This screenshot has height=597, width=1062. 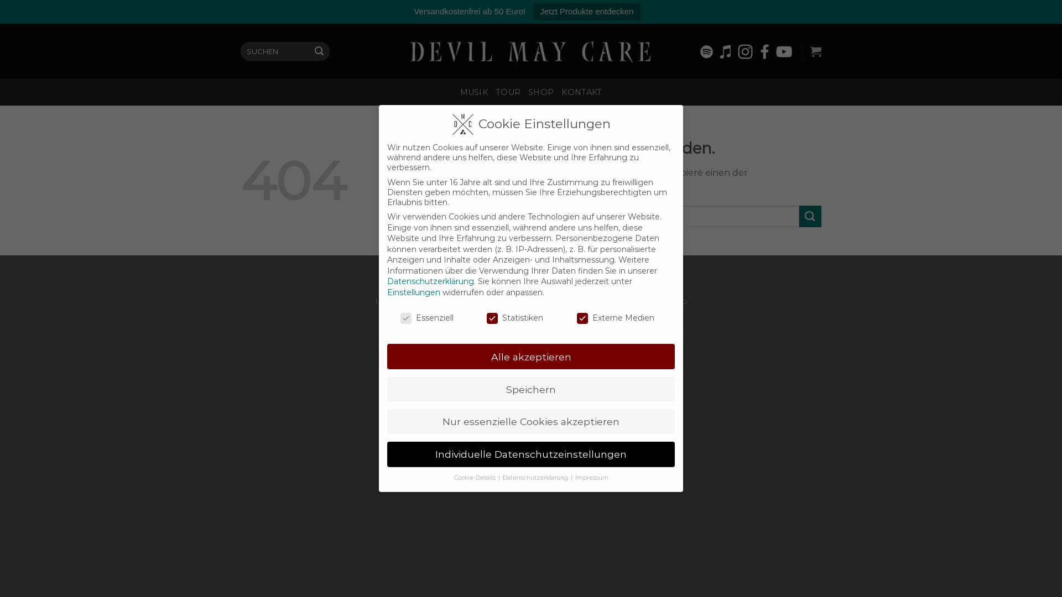 I want to click on 'Einstellungen', so click(x=413, y=291).